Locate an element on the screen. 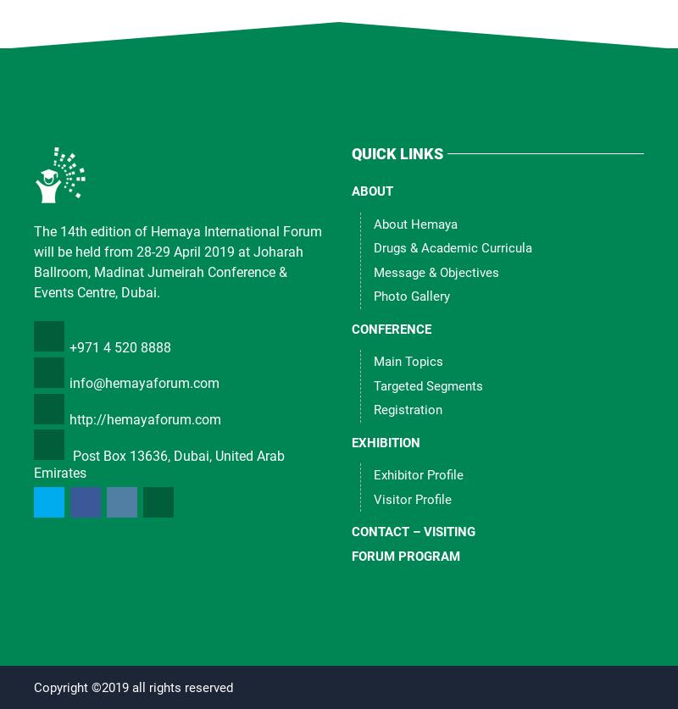 The image size is (678, 709). 'info@hemayaforum.com' is located at coordinates (143, 382).